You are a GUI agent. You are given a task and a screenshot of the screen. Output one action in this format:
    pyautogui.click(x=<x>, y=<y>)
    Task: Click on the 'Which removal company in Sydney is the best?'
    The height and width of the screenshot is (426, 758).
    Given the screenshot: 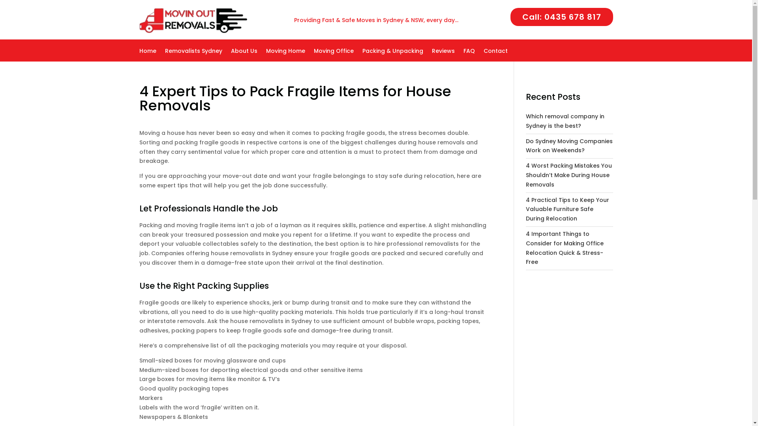 What is the action you would take?
    pyautogui.click(x=525, y=121)
    